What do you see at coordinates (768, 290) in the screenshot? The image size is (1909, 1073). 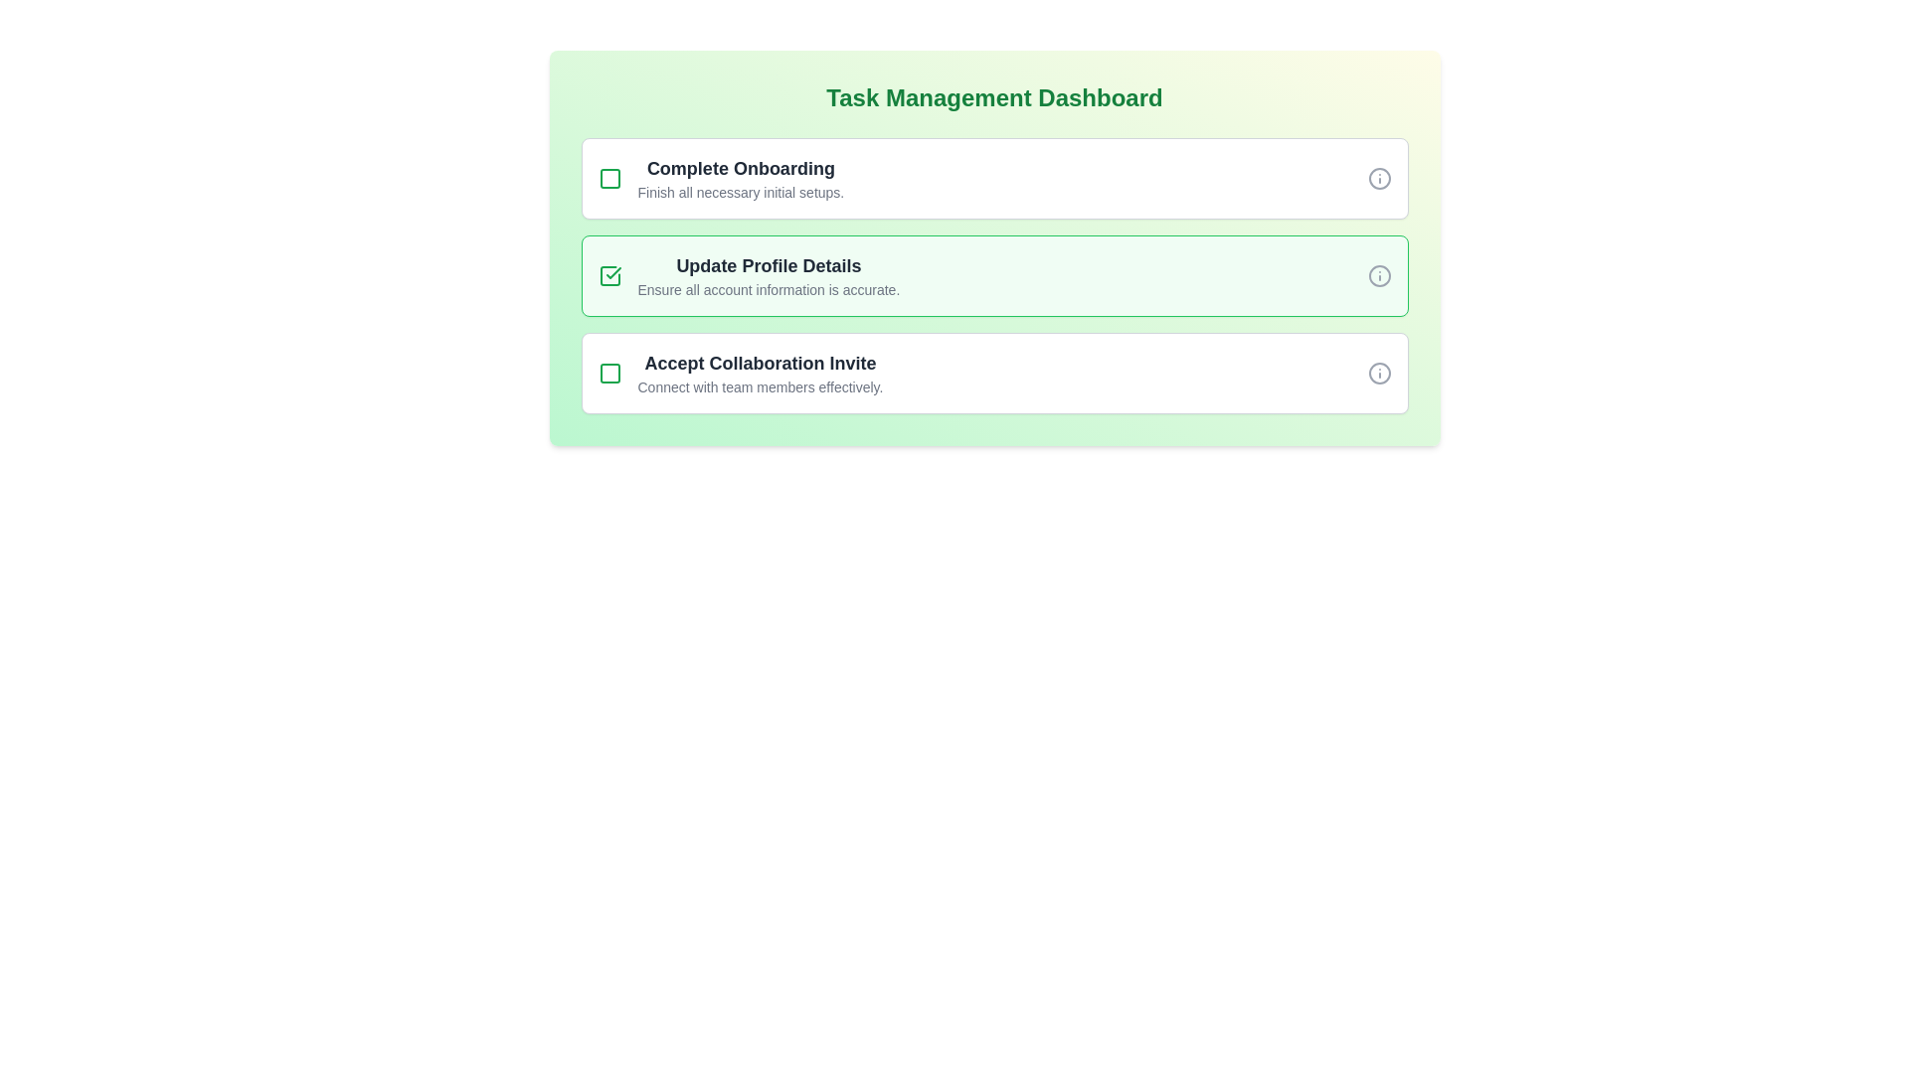 I see `the non-interactive text label located under the 'Update Profile Details' section, which provides guidance related to the task` at bounding box center [768, 290].